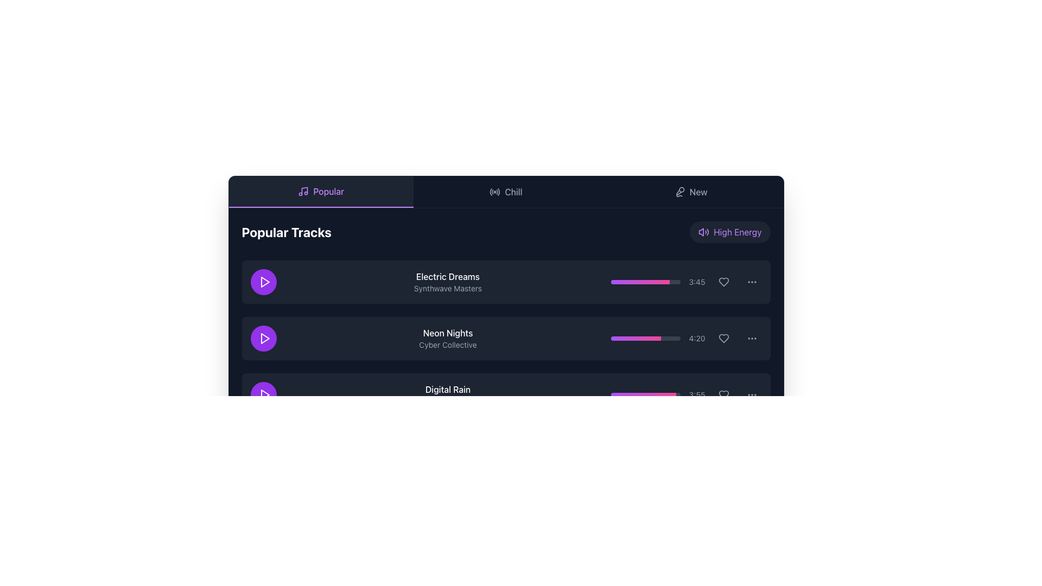  I want to click on the triangular play button symbol styled with a purple triangle, located in the second item of the 'Popular Tracks' list next to the track title 'Neon Nights' to play the associated track, so click(265, 338).